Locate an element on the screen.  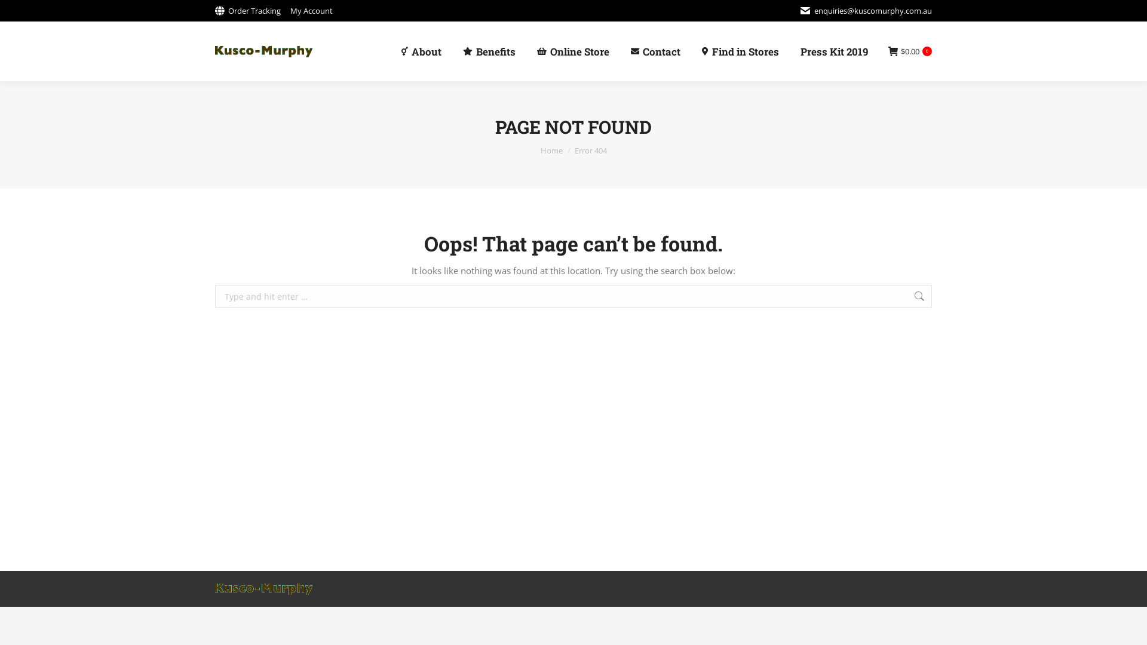
'Go!' is located at coordinates (949, 297).